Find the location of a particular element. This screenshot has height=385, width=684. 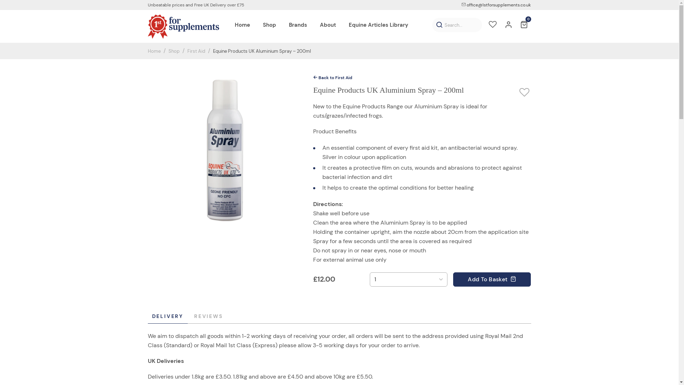

'REVIEWS' is located at coordinates (208, 316).